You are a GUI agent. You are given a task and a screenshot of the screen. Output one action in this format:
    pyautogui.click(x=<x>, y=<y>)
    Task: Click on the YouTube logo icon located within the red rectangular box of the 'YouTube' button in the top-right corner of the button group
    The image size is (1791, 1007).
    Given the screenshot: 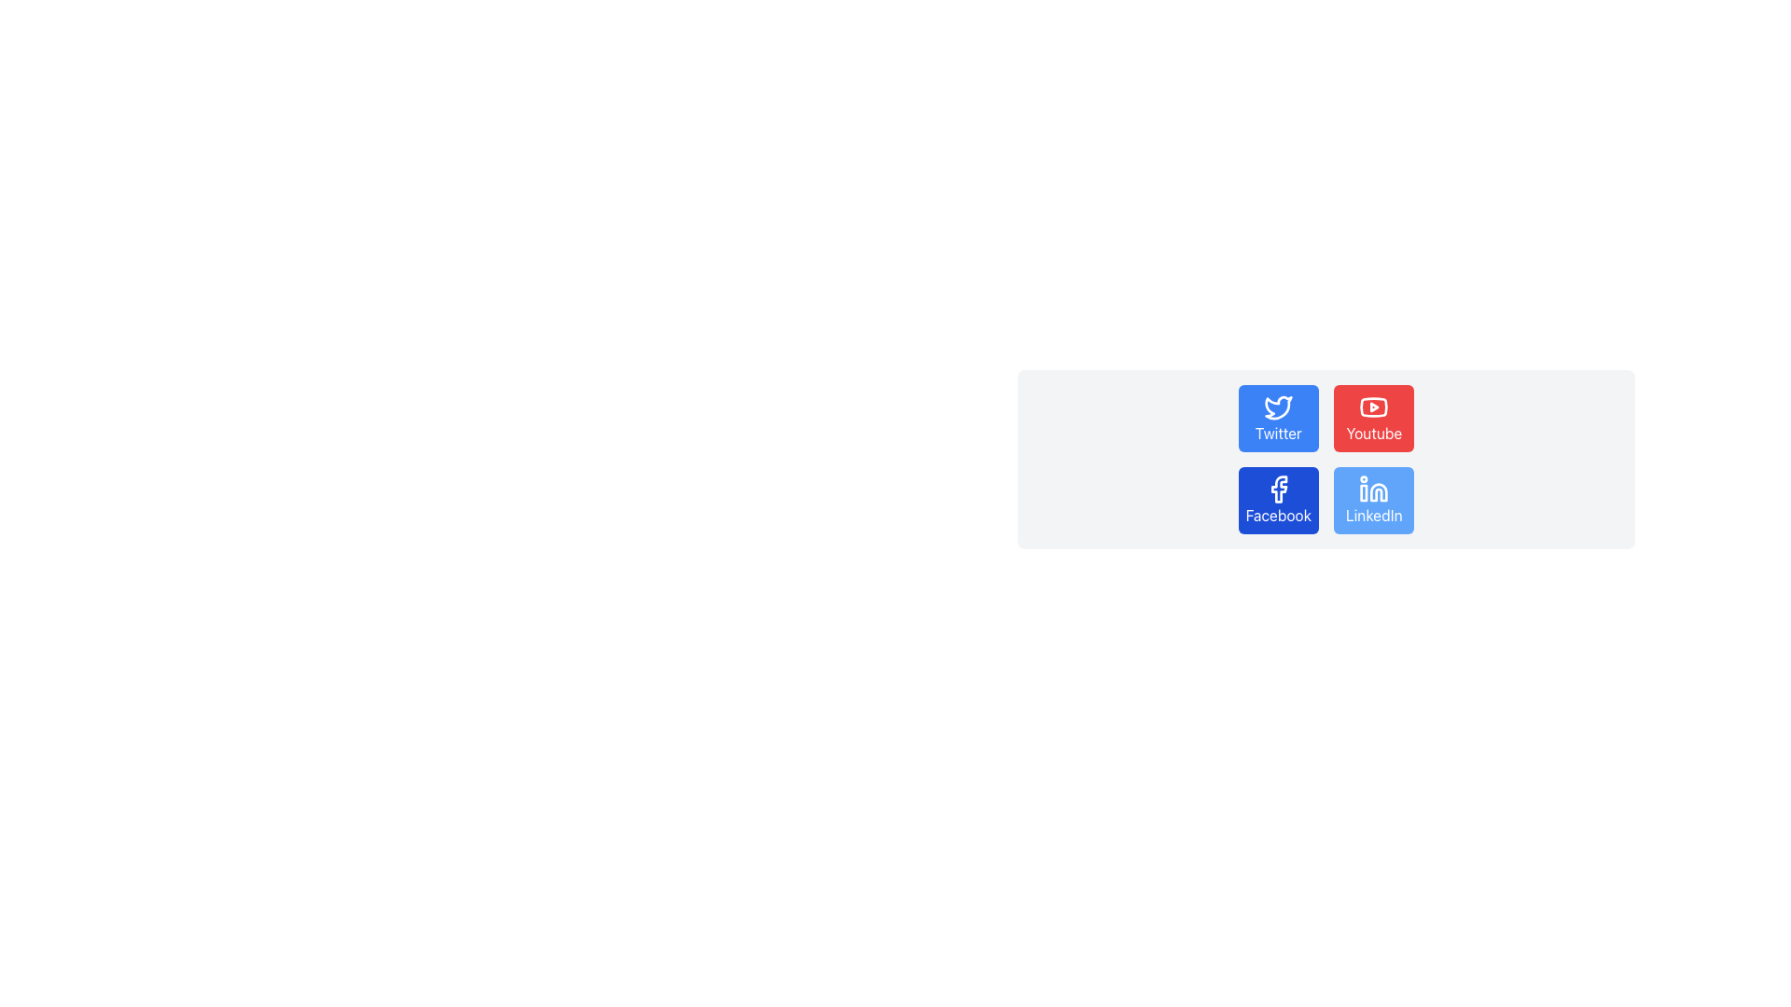 What is the action you would take?
    pyautogui.click(x=1374, y=406)
    